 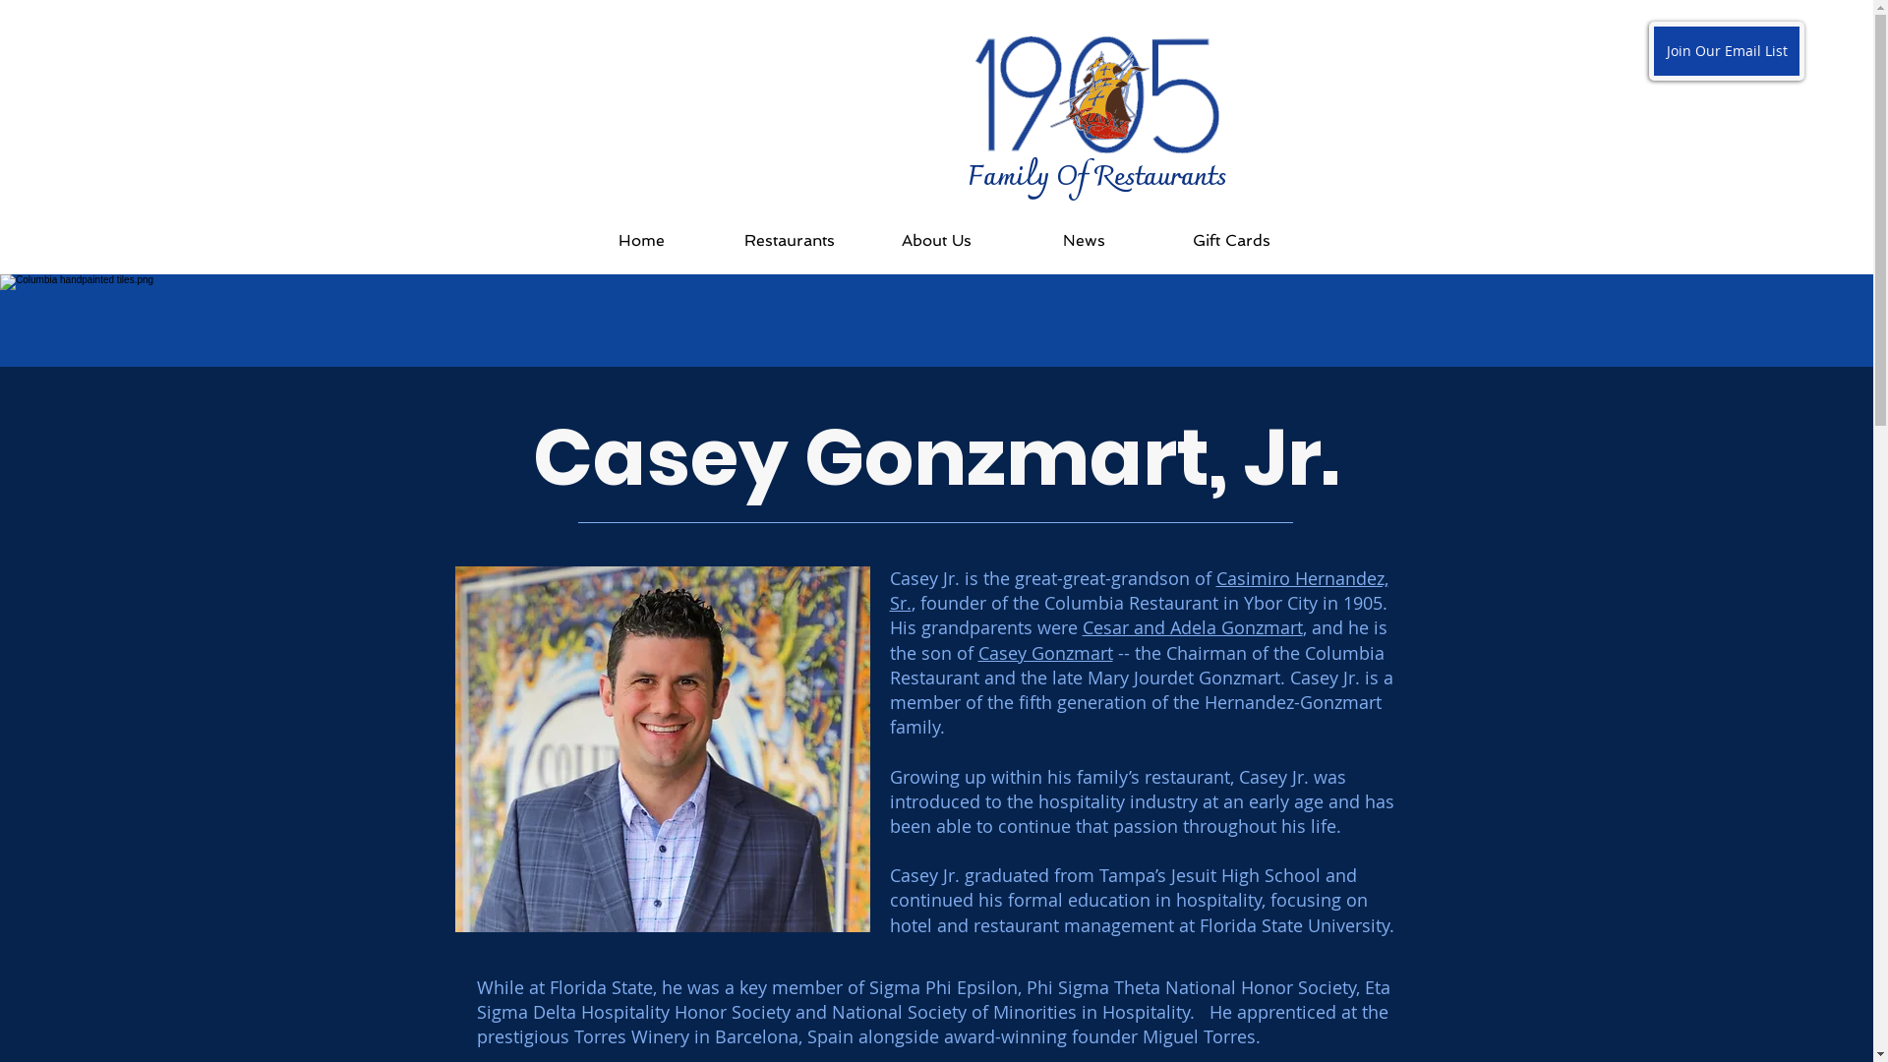 I want to click on 'Cesar and Adela Gonzmart', so click(x=1190, y=626).